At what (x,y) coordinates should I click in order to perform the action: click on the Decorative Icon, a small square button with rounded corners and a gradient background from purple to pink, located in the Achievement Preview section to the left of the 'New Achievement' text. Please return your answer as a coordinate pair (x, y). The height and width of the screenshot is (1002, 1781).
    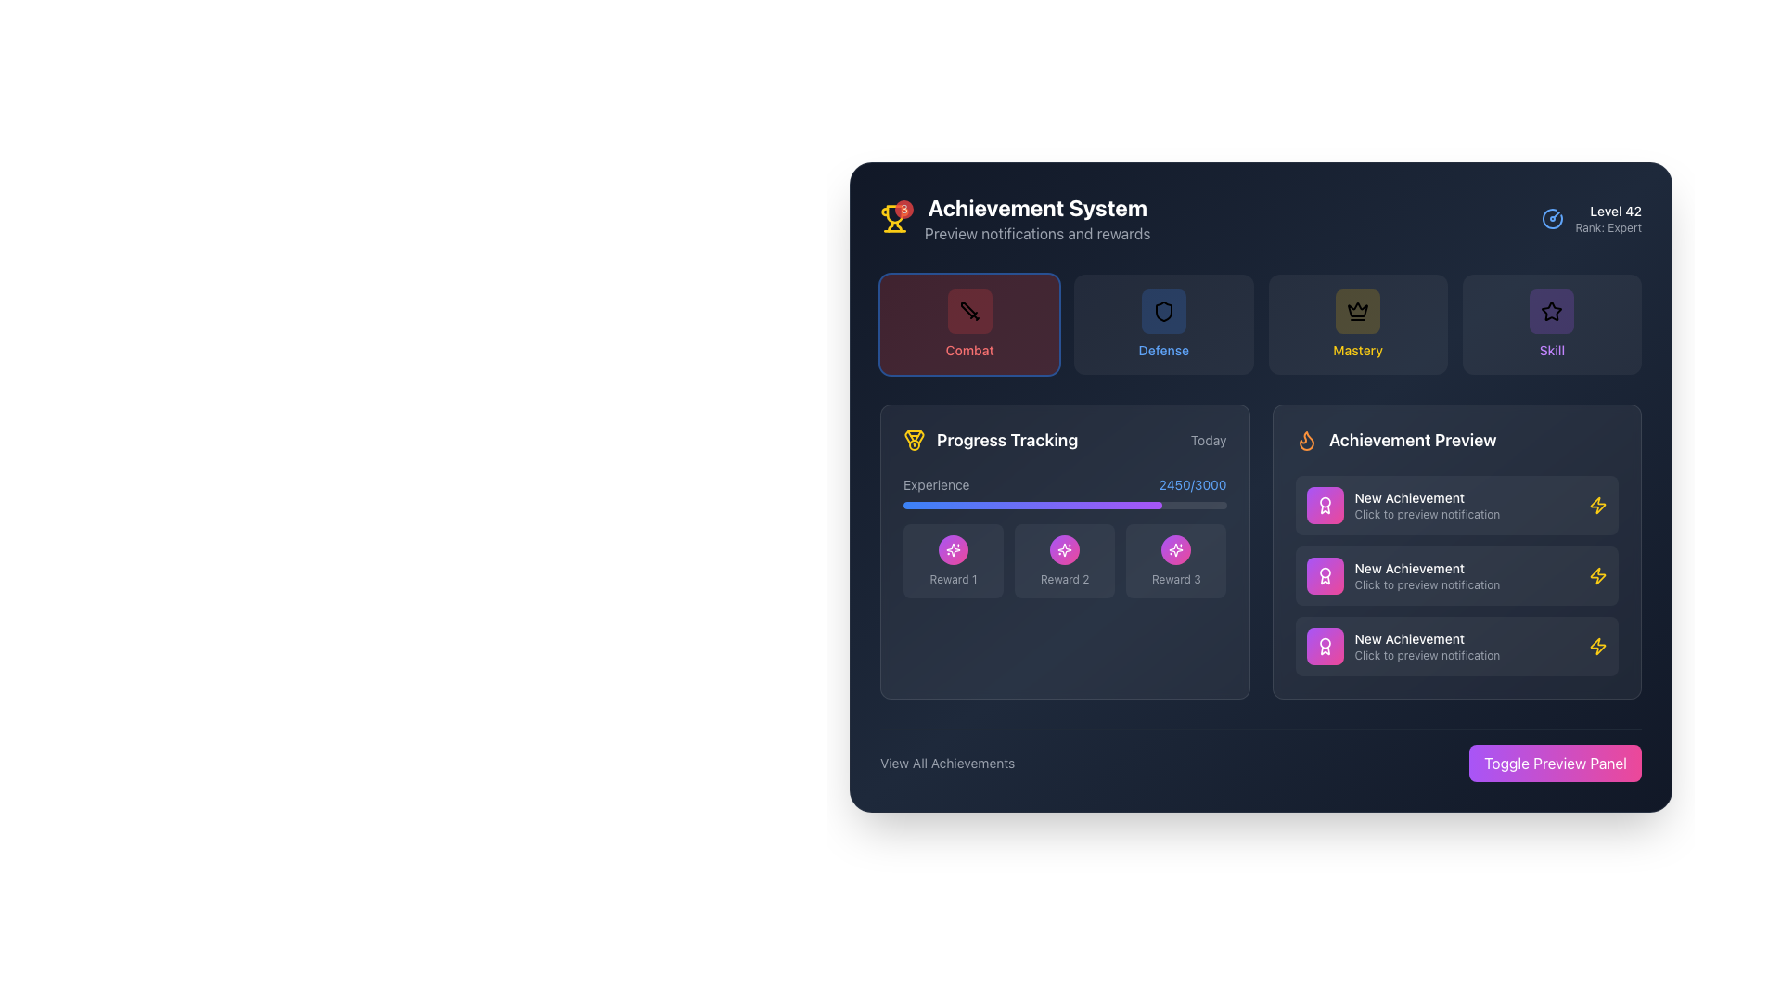
    Looking at the image, I should click on (1324, 646).